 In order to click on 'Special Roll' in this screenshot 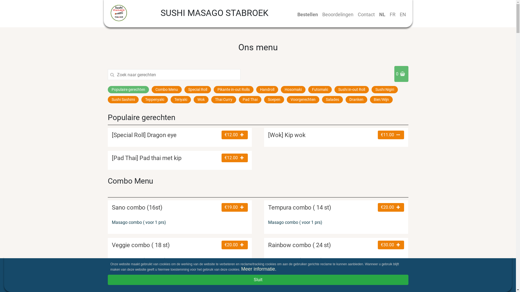, I will do `click(184, 89)`.